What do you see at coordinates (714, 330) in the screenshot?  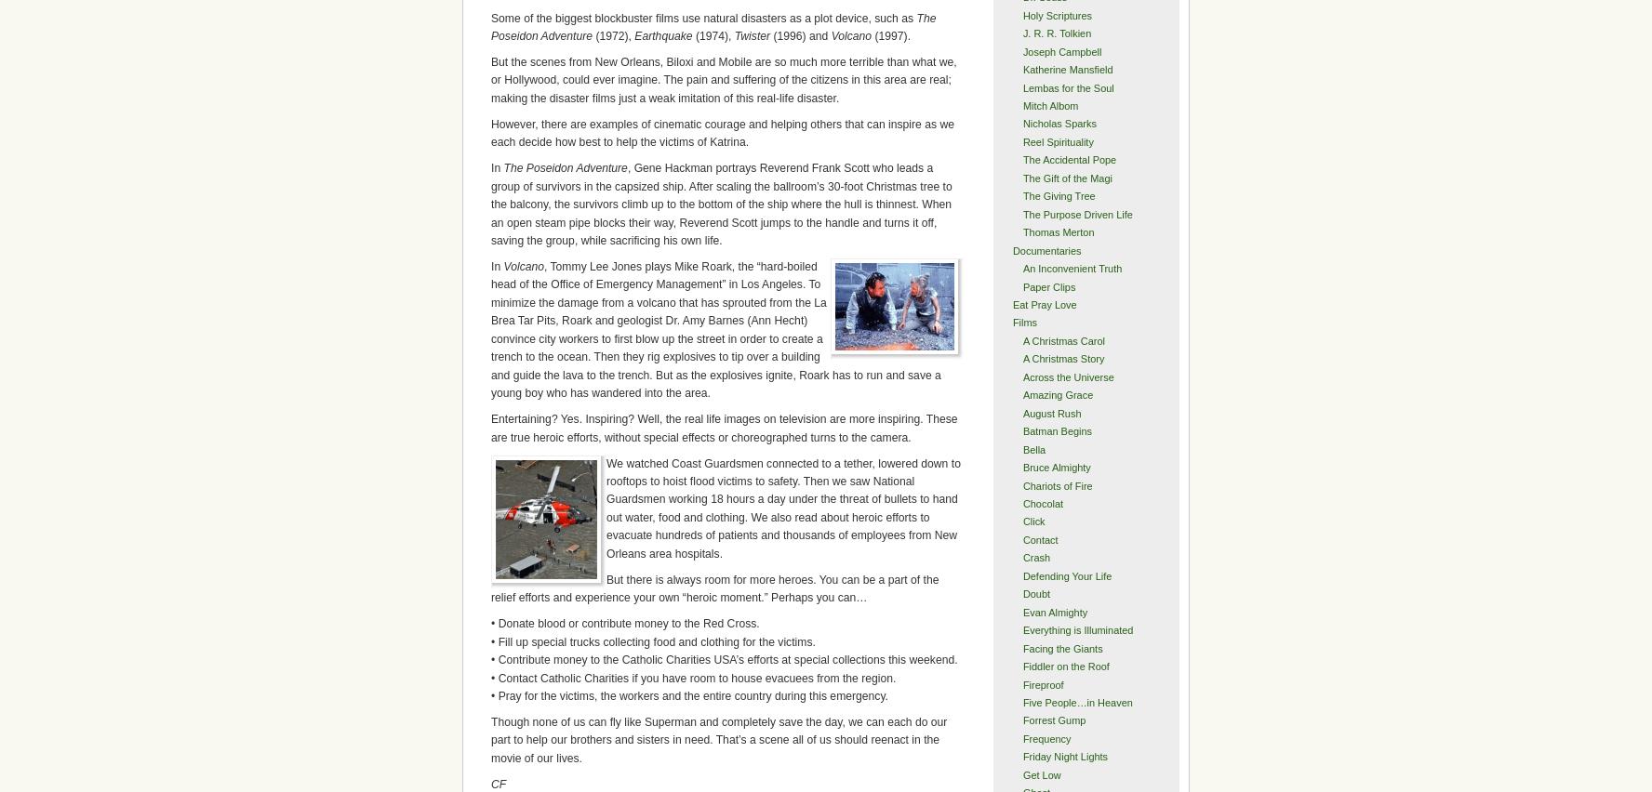 I see `', Tommy Lee Jones plays Mike Roark, the “hard-boiled head of the Office of Emergency Management” in Los Angeles. To minimize the damage from a volcano that has sprouted from the La Brea Tar Pits, Roark and geologist Dr. Amy Barnes (Ann Hecht) convince city workers to first blow up the street in order to create a trench to the ocean. Then they rig explosives to tip over a building and guide the lava to the trench. But as the explosives ignite, Roark has to run and save a young boy who has wandered into the area.'` at bounding box center [714, 330].